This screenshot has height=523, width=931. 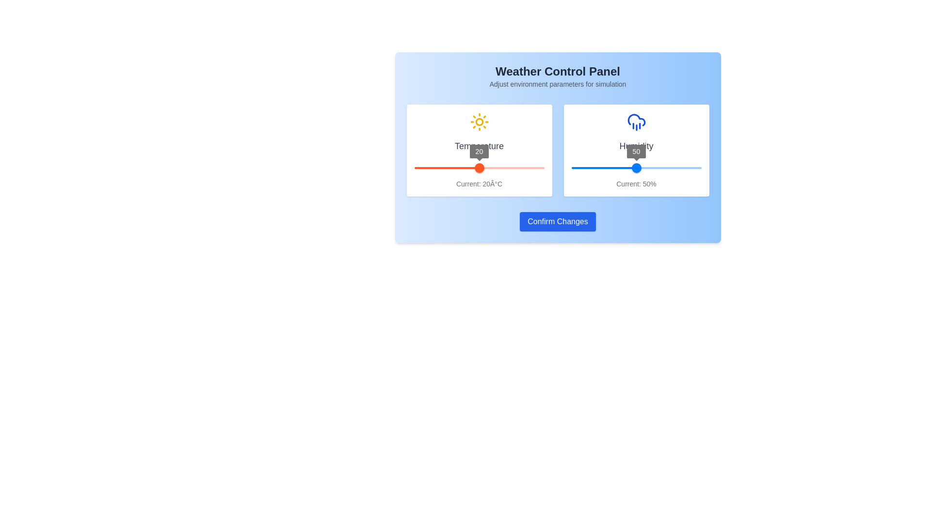 What do you see at coordinates (514, 168) in the screenshot?
I see `the temperature slider` at bounding box center [514, 168].